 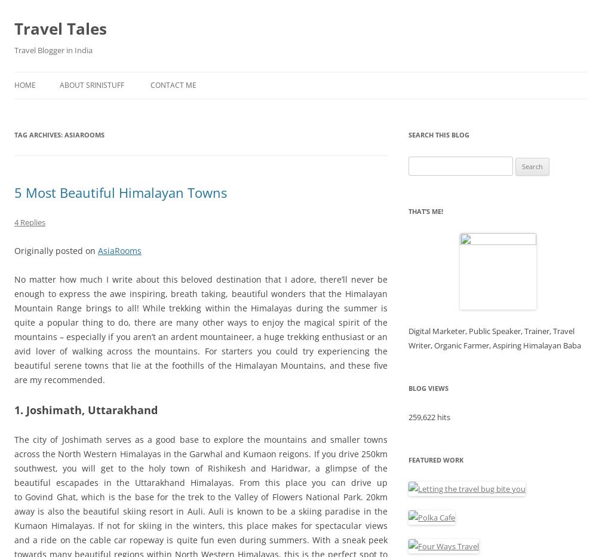 I want to click on 'That’s Me!', so click(x=408, y=210).